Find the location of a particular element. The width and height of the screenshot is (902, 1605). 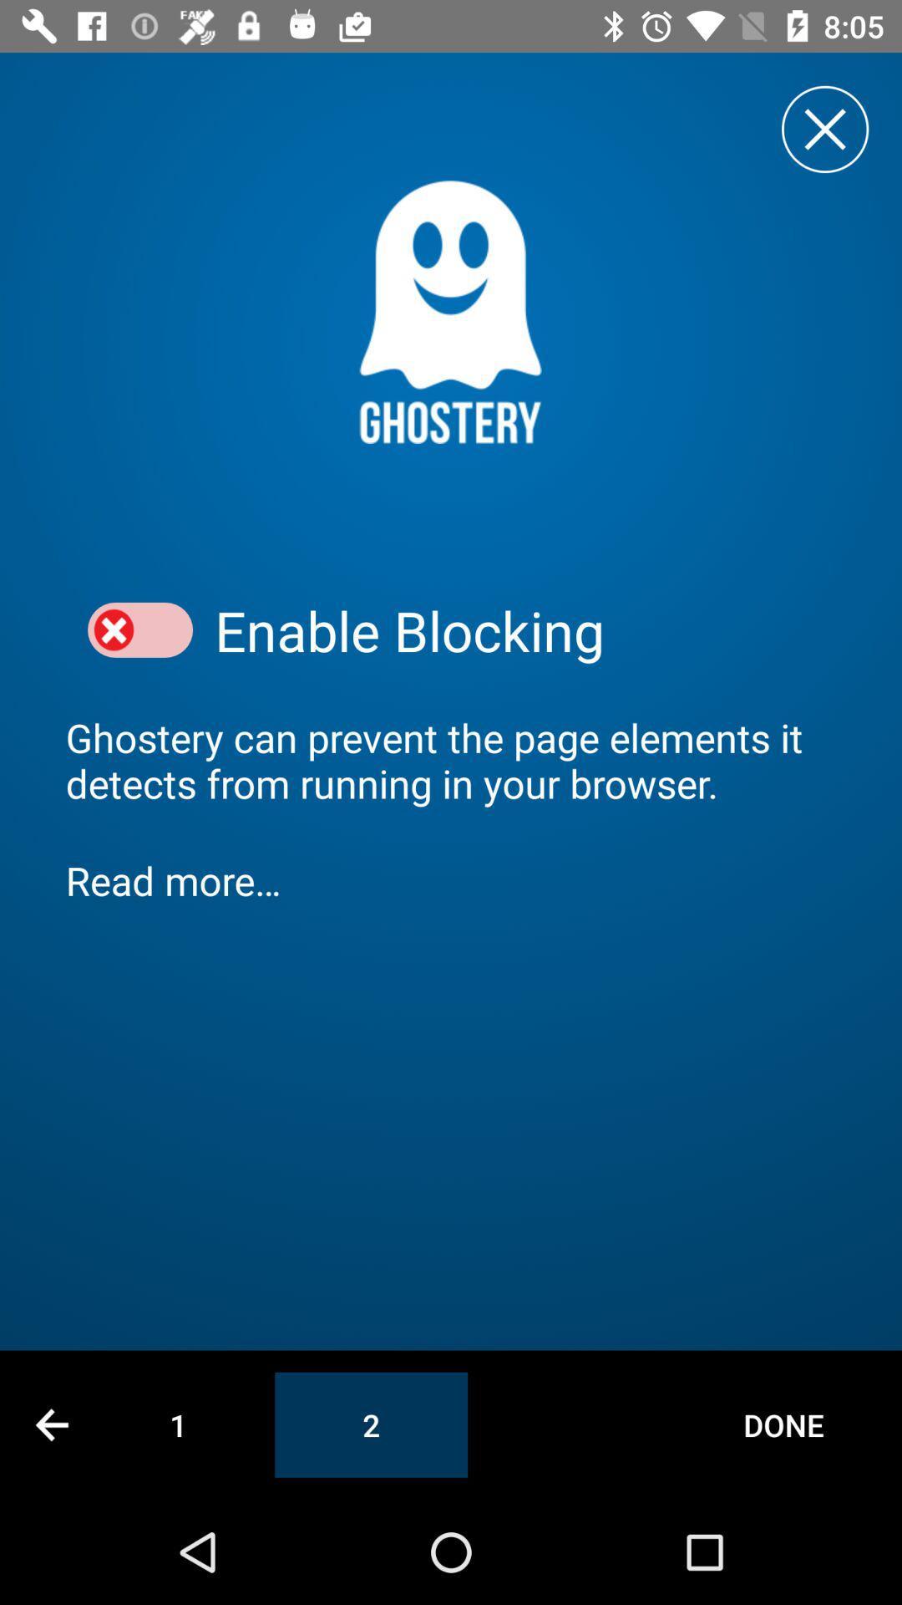

the arrow_backward icon is located at coordinates (51, 1424).